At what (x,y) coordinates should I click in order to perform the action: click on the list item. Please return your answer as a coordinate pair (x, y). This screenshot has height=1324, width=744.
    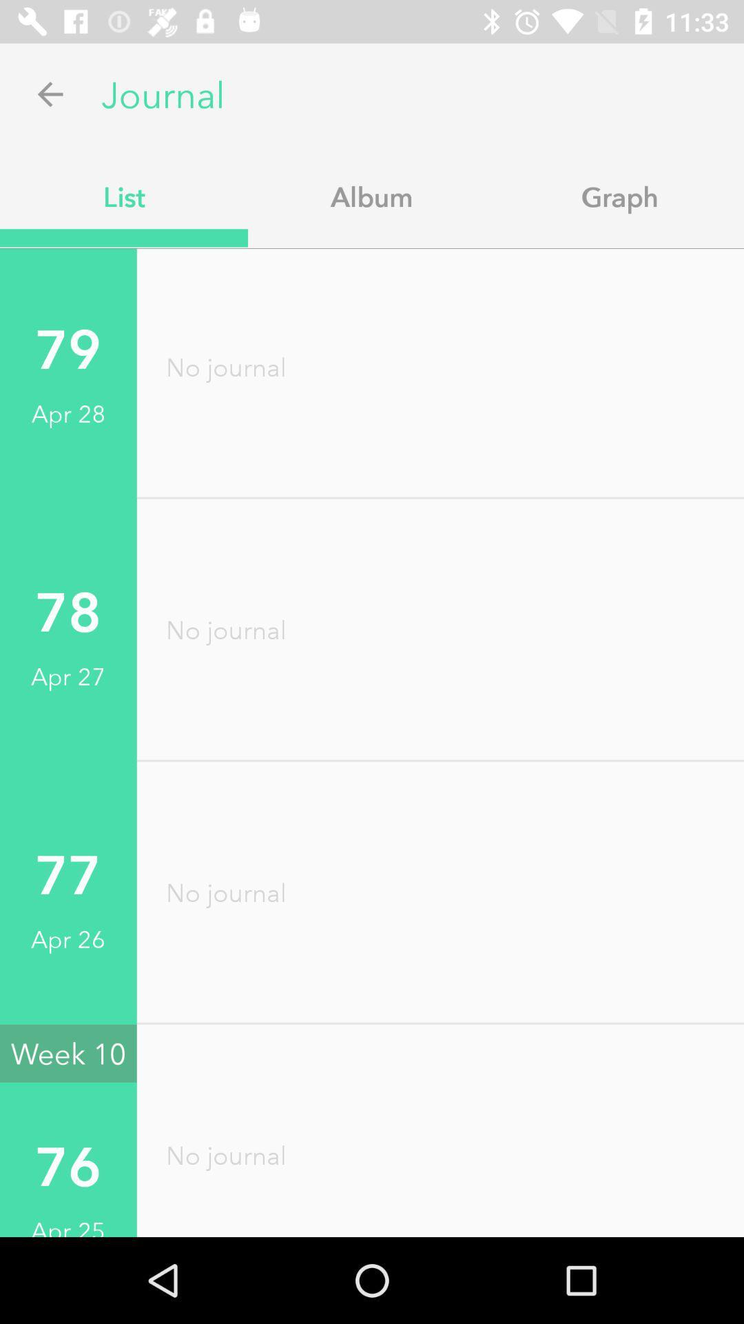
    Looking at the image, I should click on (124, 196).